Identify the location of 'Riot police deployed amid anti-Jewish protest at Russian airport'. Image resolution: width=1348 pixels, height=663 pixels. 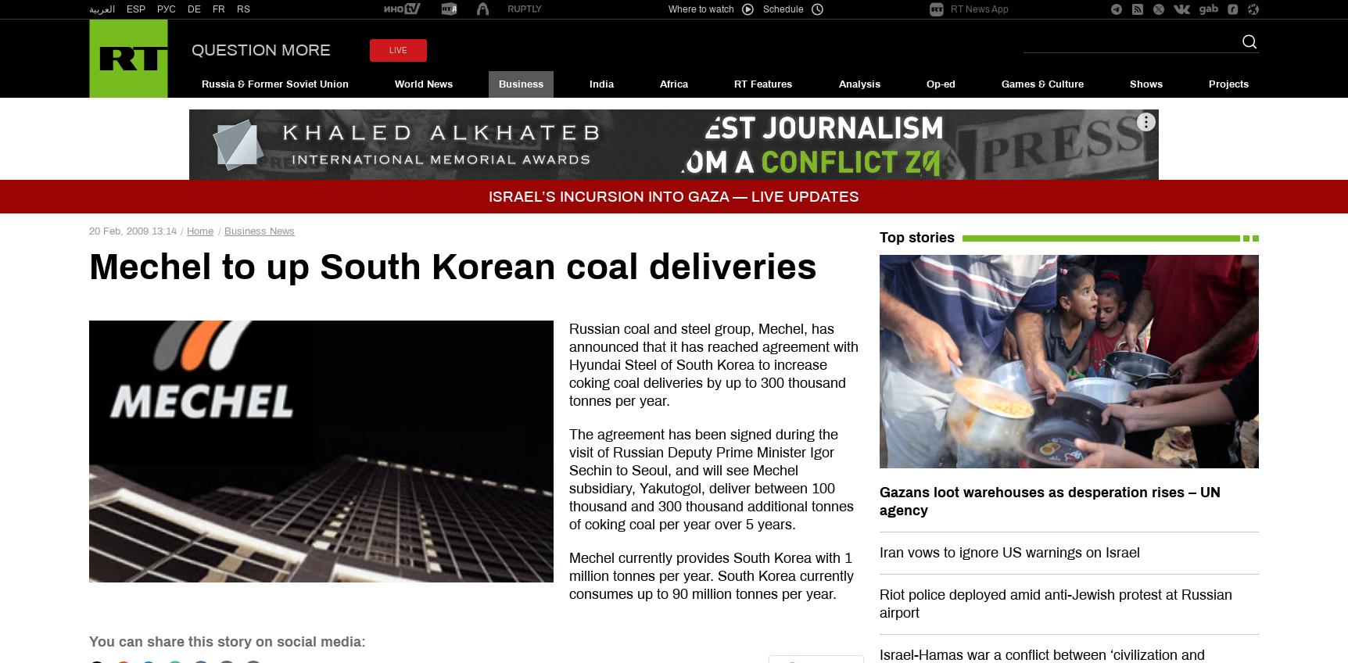
(1055, 603).